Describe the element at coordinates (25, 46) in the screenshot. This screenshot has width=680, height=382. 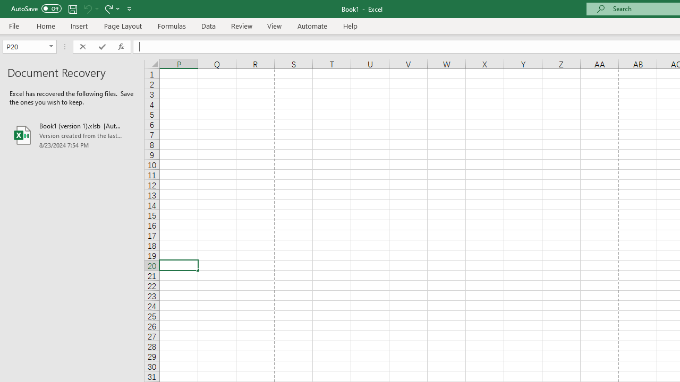
I see `'Name Box'` at that location.